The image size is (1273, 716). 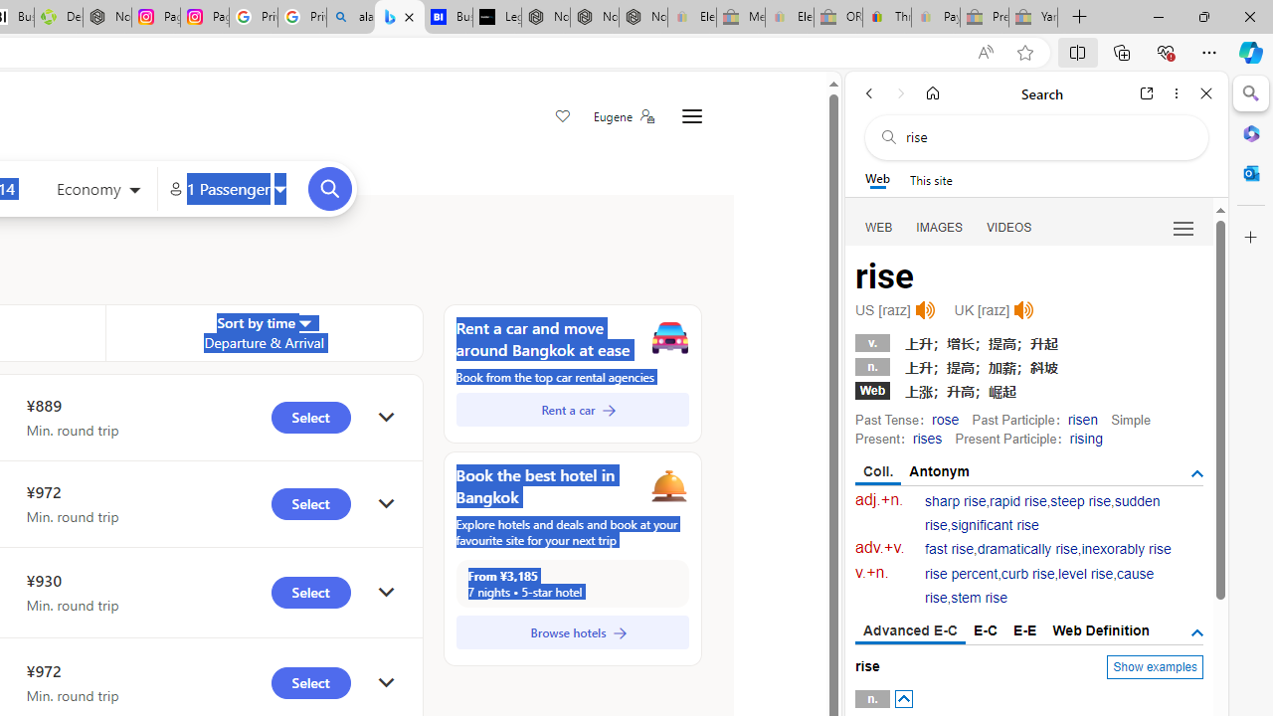 I want to click on 'Antonym', so click(x=939, y=471).